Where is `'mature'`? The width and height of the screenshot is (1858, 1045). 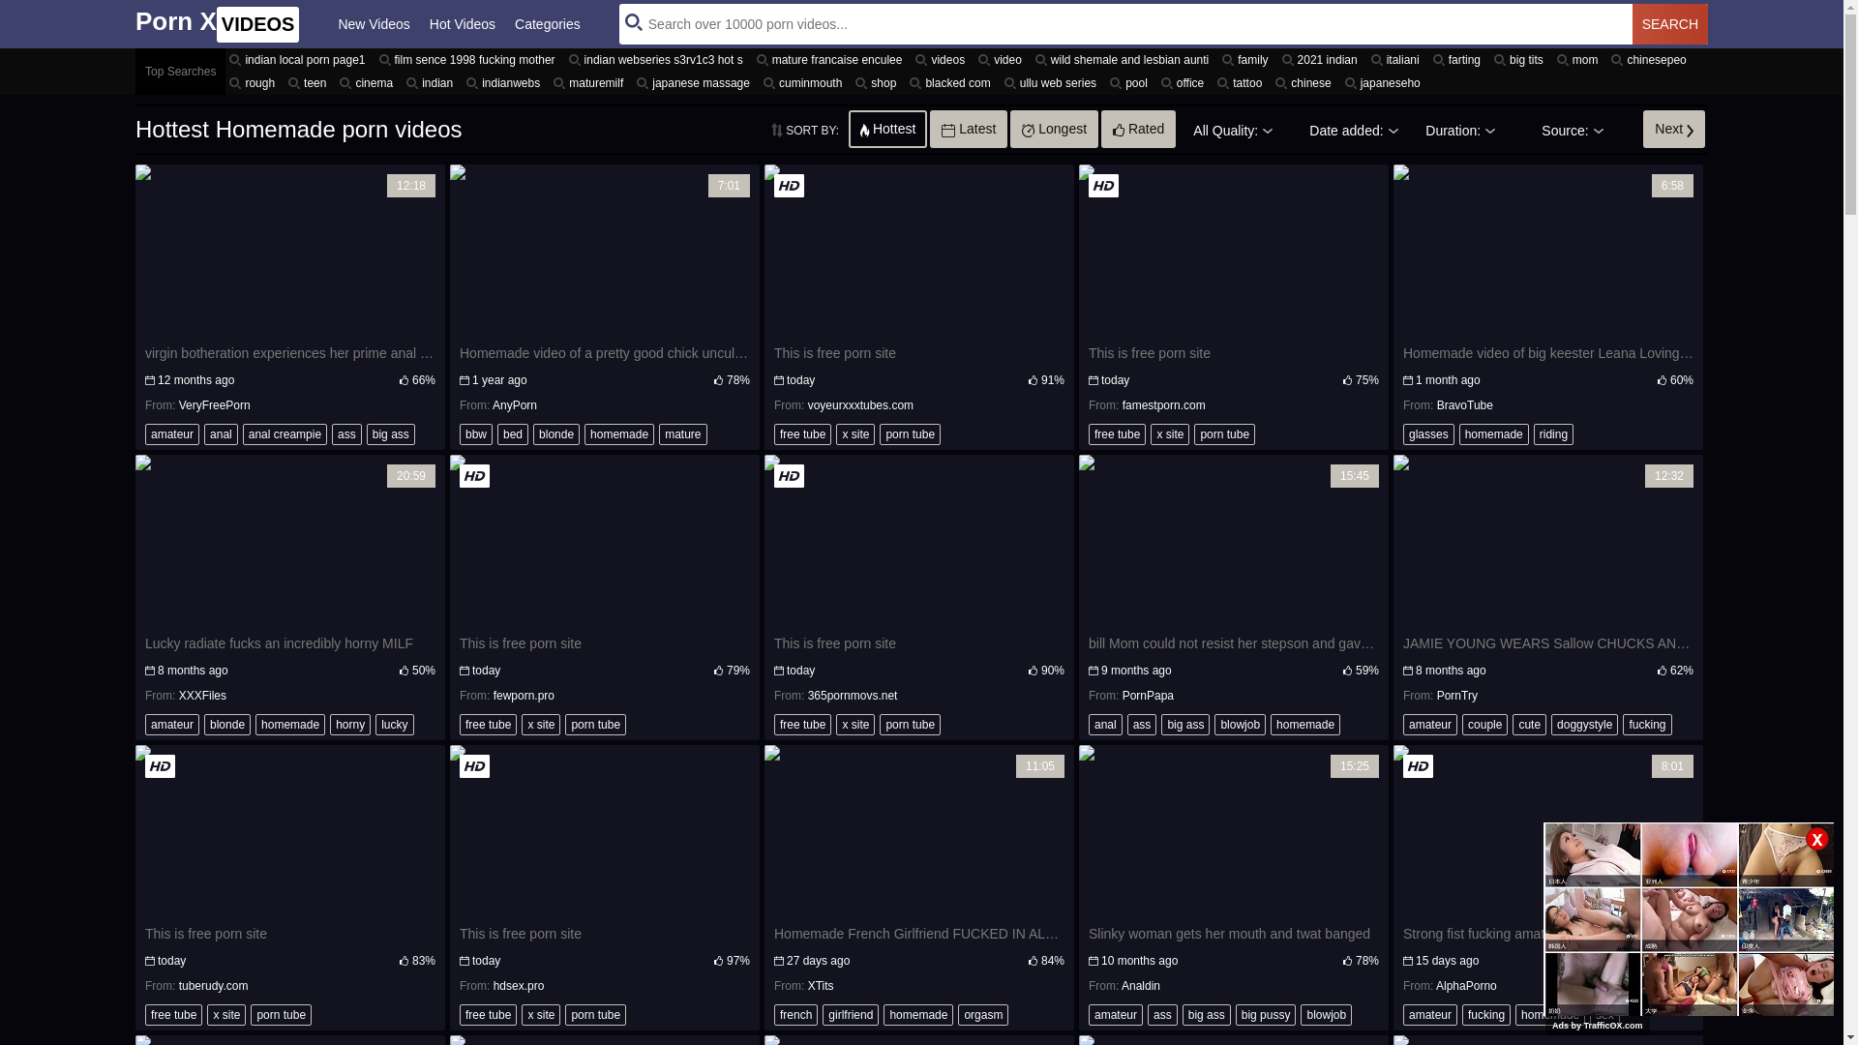
'mature' is located at coordinates (682, 433).